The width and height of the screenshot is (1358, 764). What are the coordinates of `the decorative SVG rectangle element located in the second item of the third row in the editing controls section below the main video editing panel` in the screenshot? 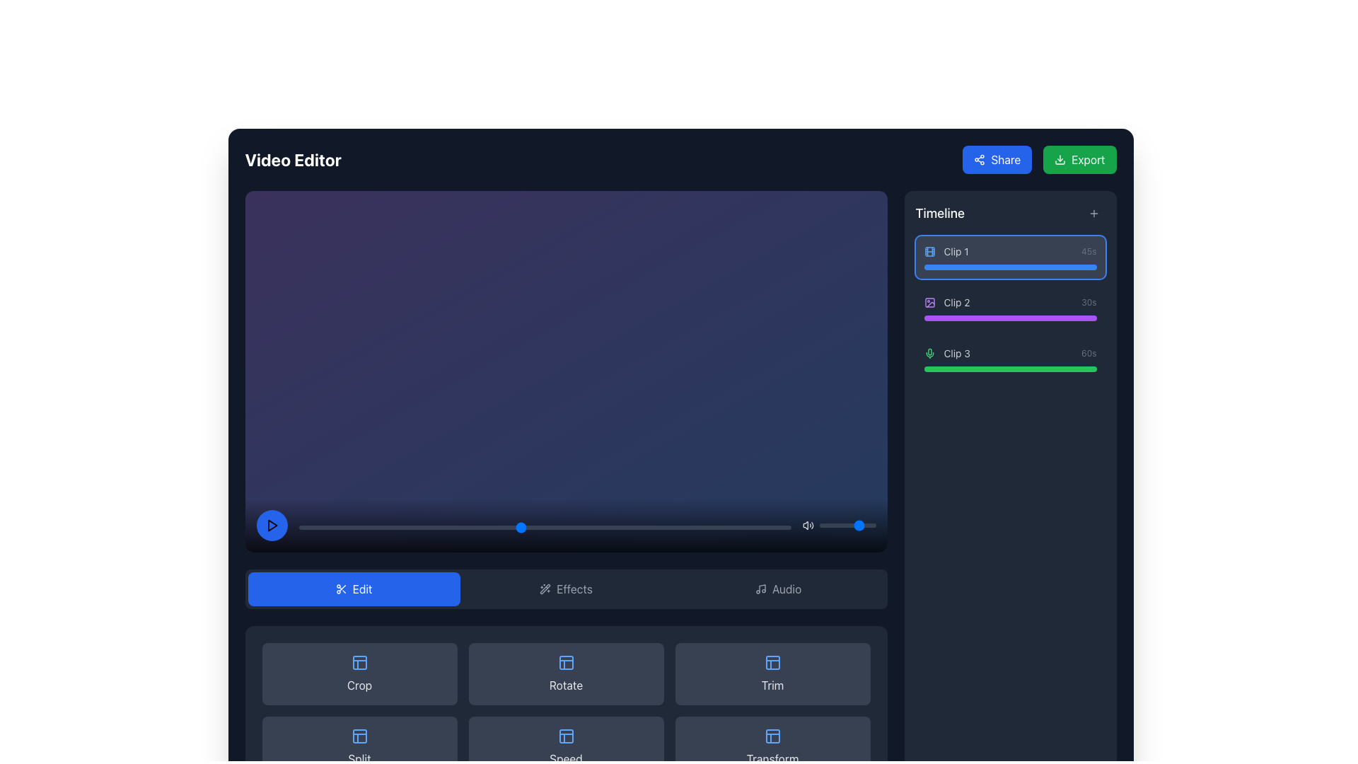 It's located at (566, 662).